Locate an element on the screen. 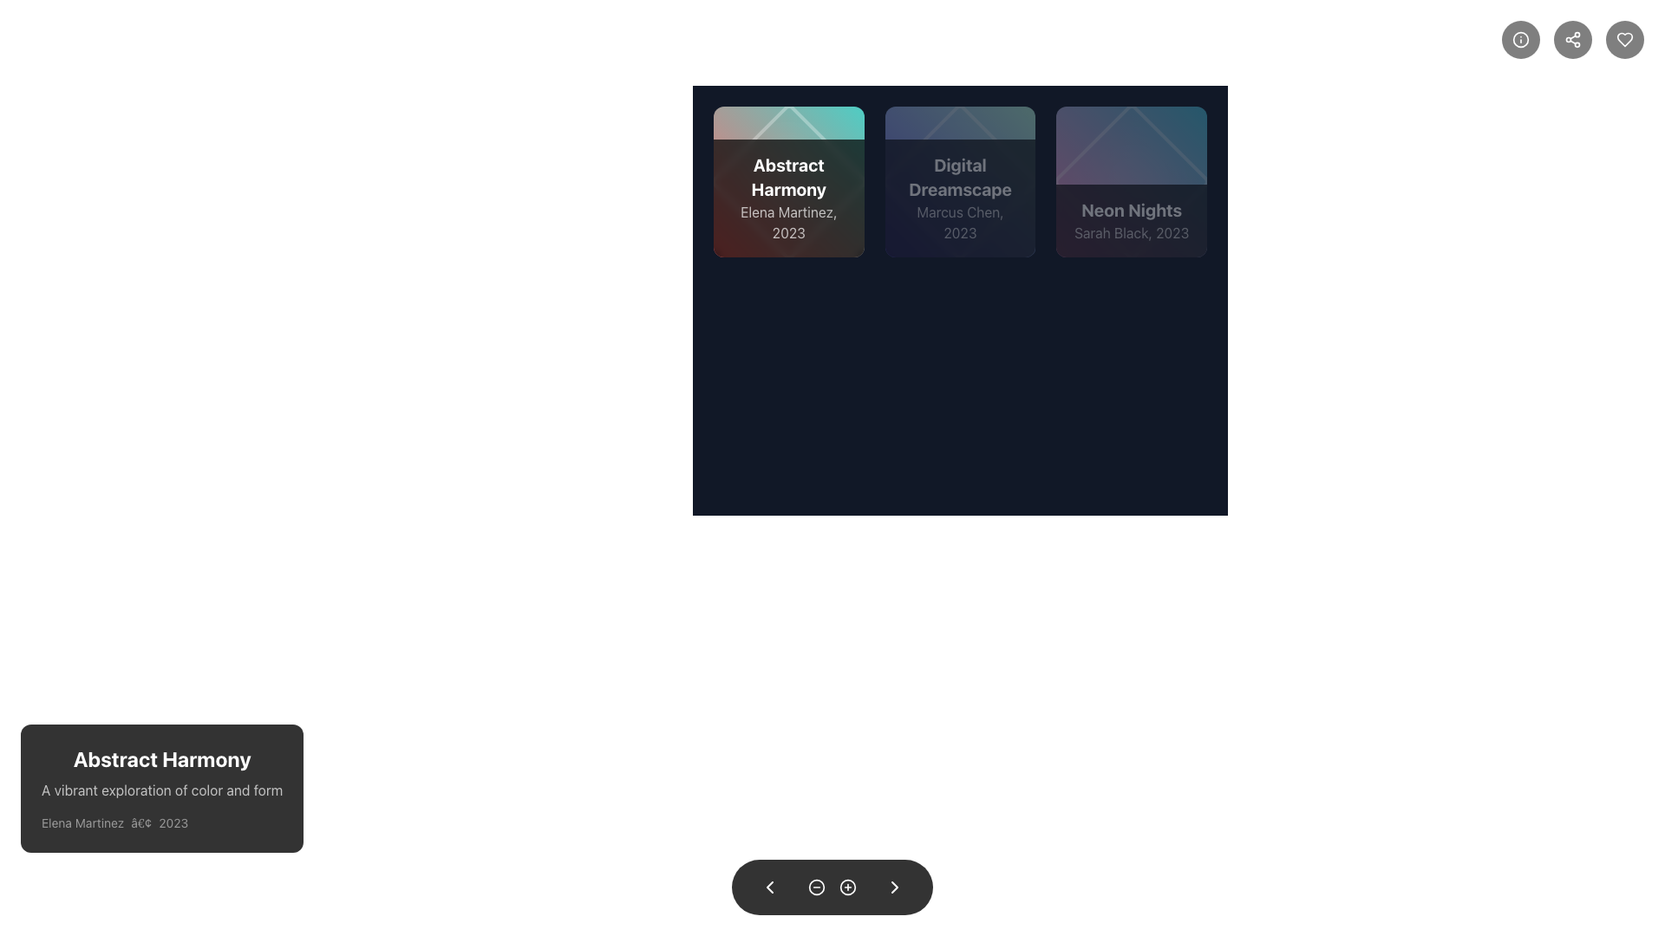  the text label displaying 'Elena Martinez' and '2023' located at the bottom of the 'Abstract Harmony' card is located at coordinates (787, 221).